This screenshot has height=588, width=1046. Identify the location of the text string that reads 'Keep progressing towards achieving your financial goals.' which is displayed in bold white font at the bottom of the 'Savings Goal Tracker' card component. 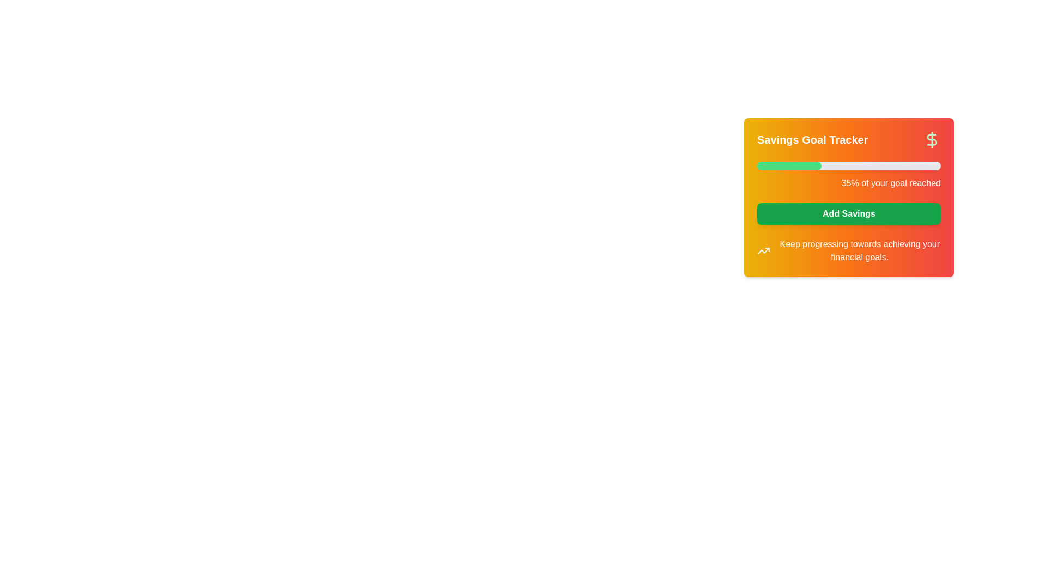
(859, 251).